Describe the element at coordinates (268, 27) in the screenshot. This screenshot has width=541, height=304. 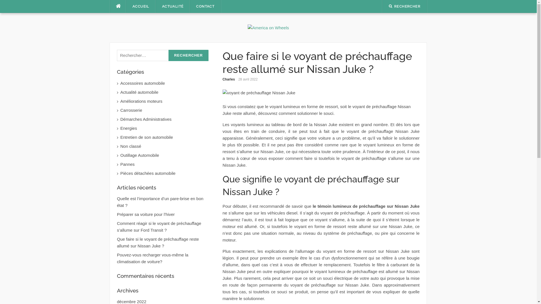
I see `'America on Wheels'` at that location.